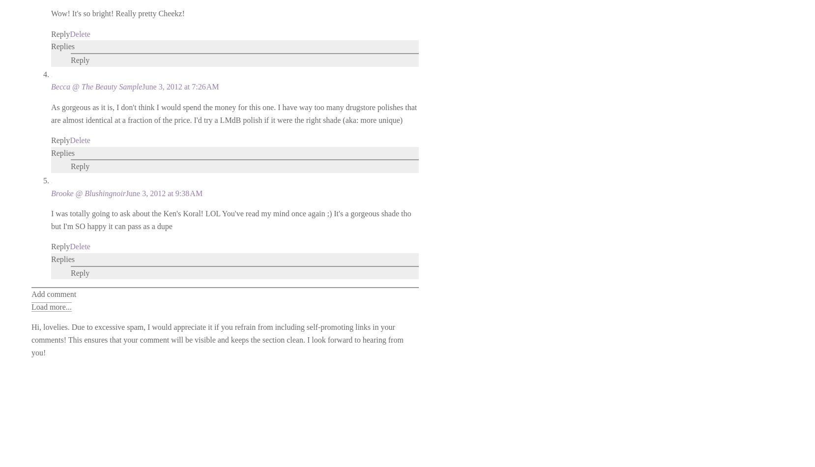 The width and height of the screenshot is (815, 467). What do you see at coordinates (234, 113) in the screenshot?
I see `'As gorgeous as it is, I don't think I would spend the money for this one. I have way too many drugstore polishes that are almost identical at a fraction of the price. I'd try a LMdB polish if it were the right shade (aka: more unique)'` at bounding box center [234, 113].